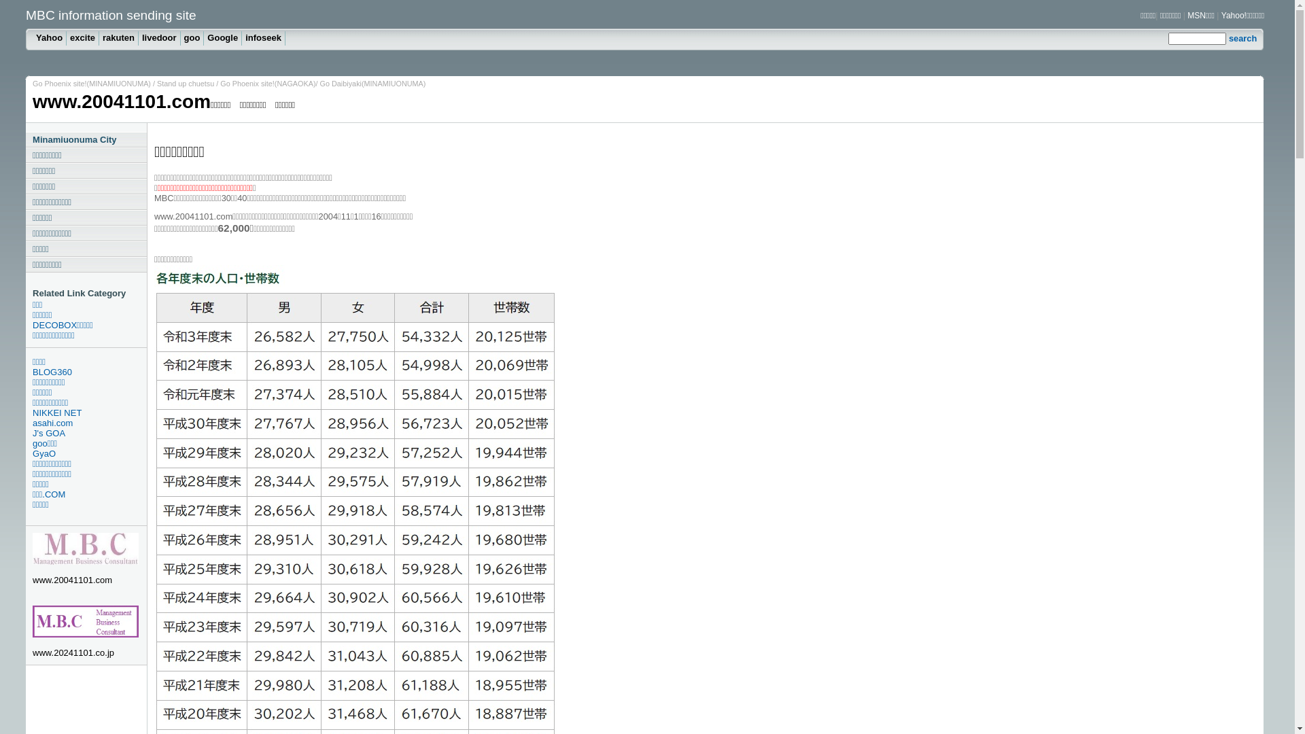 Image resolution: width=1305 pixels, height=734 pixels. What do you see at coordinates (1229, 37) in the screenshot?
I see `'search'` at bounding box center [1229, 37].